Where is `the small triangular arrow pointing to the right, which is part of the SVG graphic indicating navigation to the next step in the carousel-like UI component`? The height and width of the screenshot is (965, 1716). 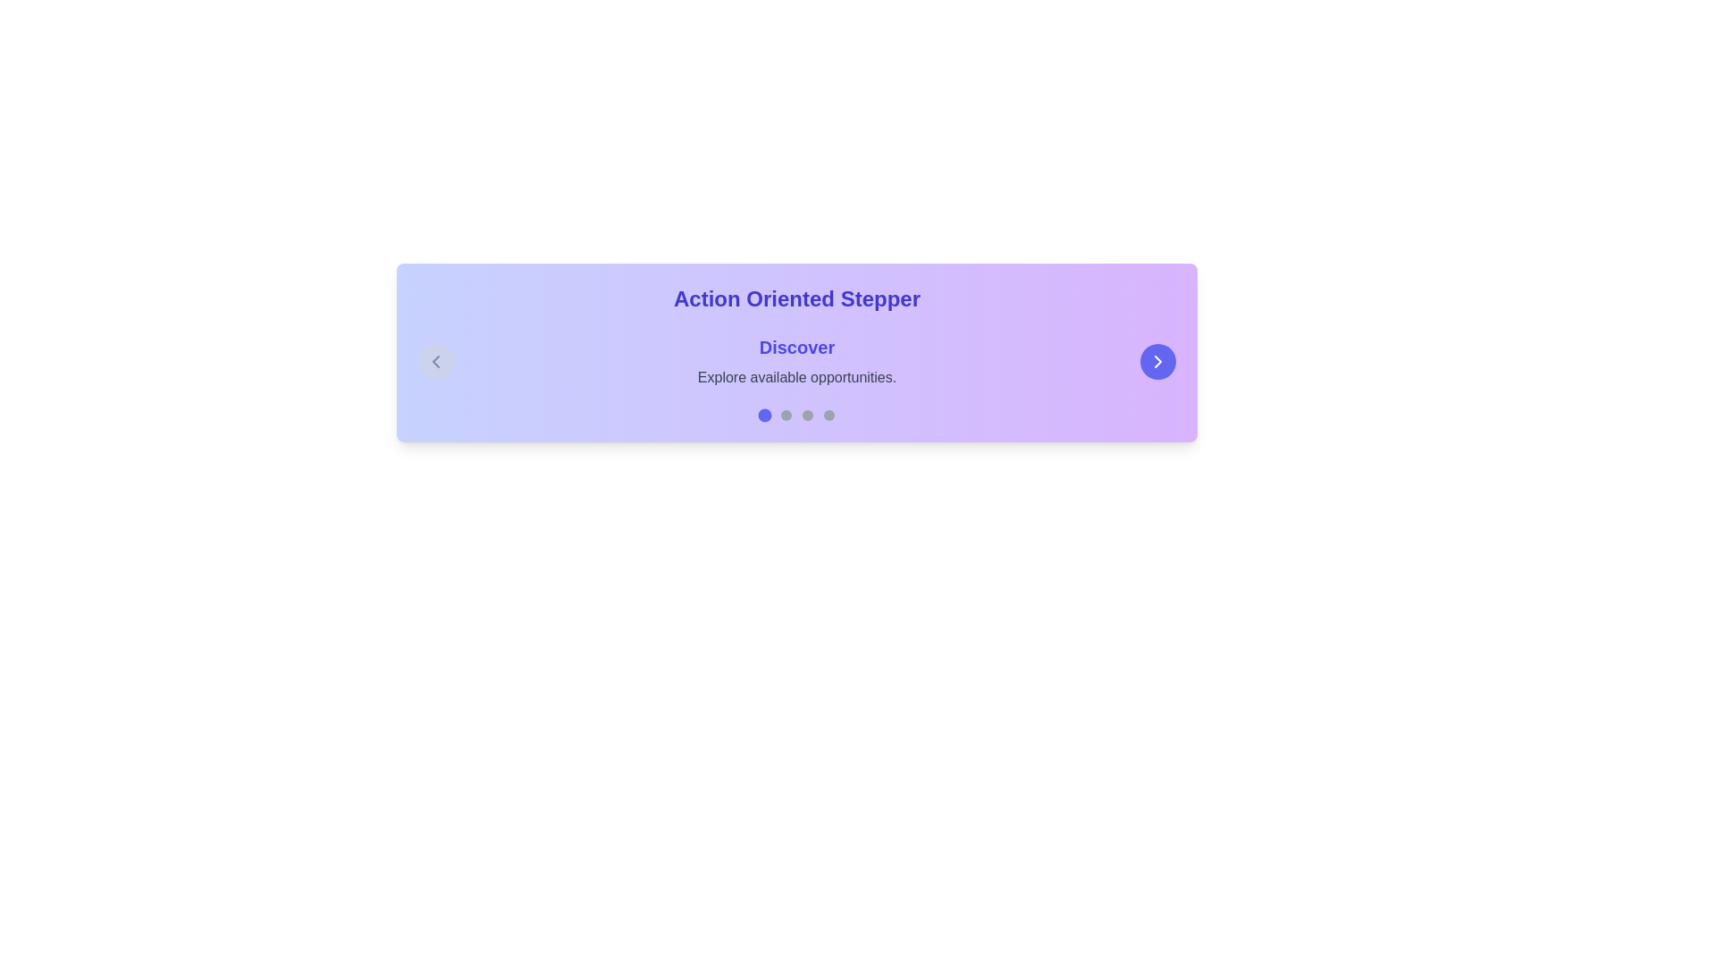
the small triangular arrow pointing to the right, which is part of the SVG graphic indicating navigation to the next step in the carousel-like UI component is located at coordinates (1158, 362).